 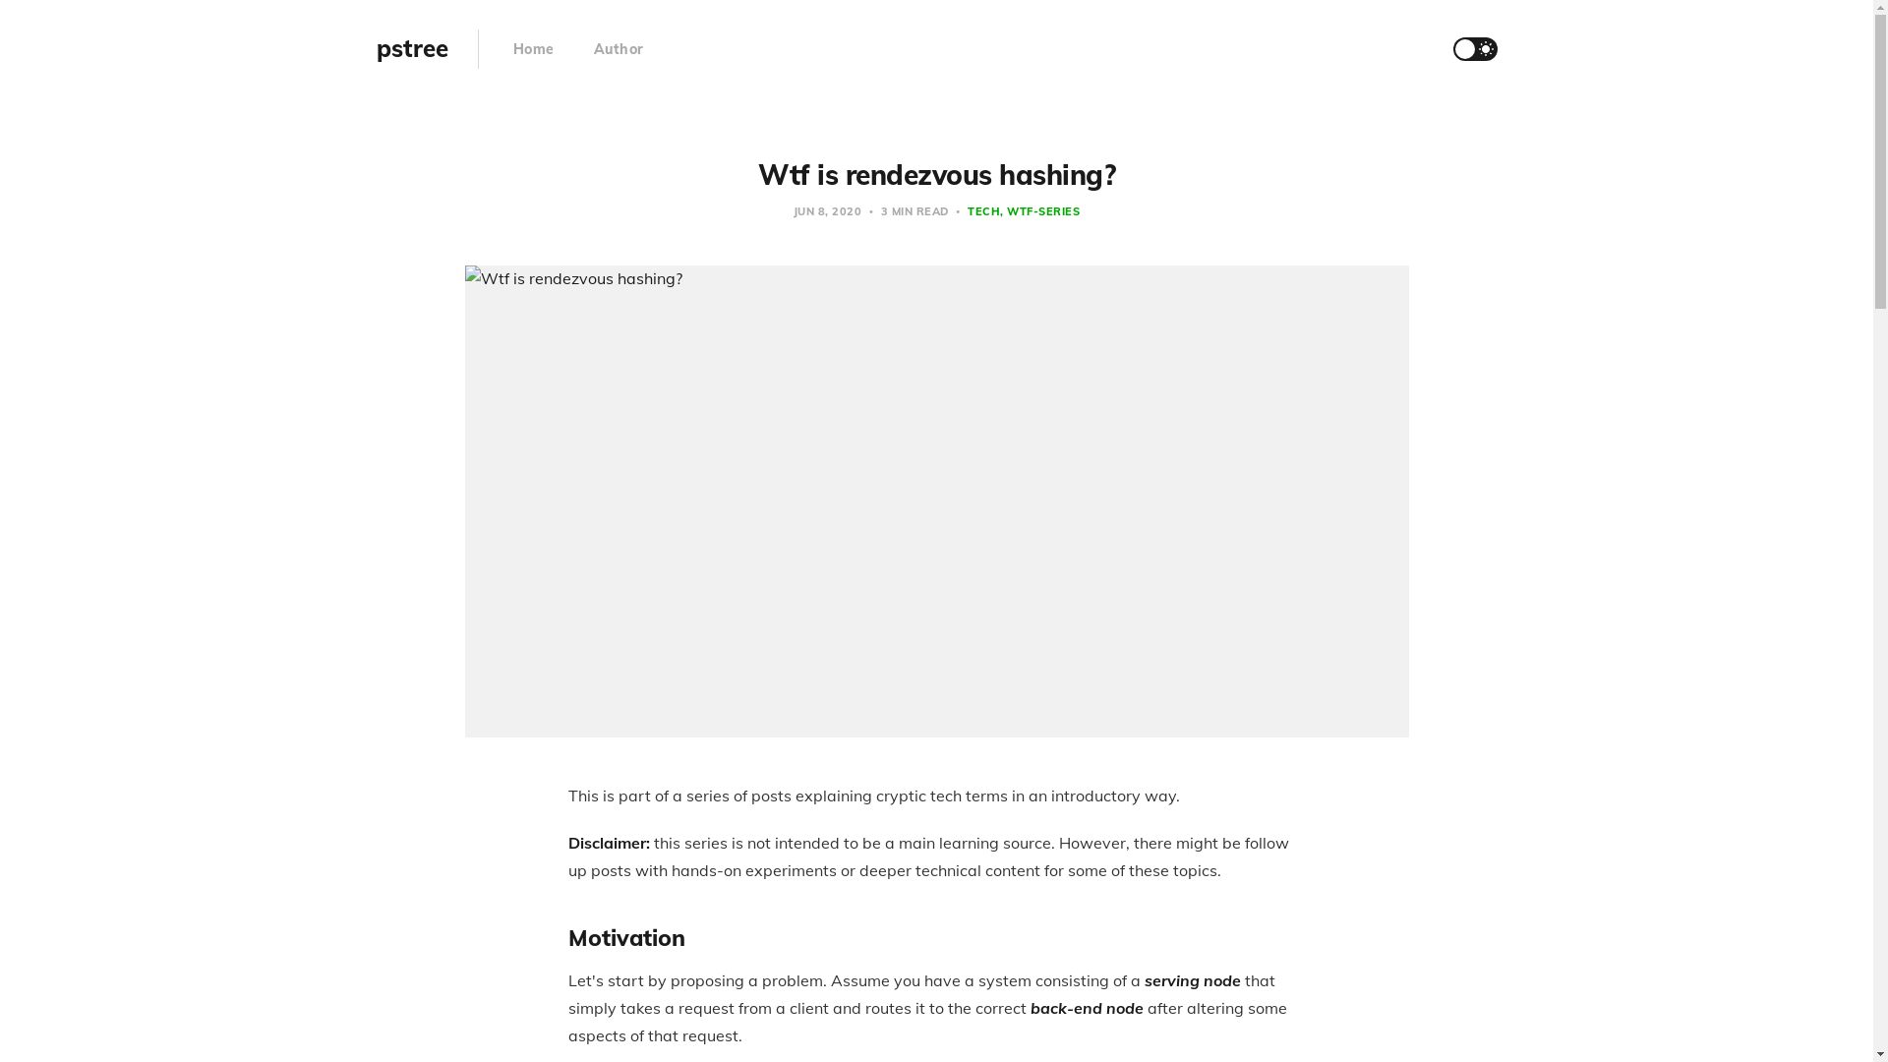 What do you see at coordinates (618, 48) in the screenshot?
I see `'Author'` at bounding box center [618, 48].